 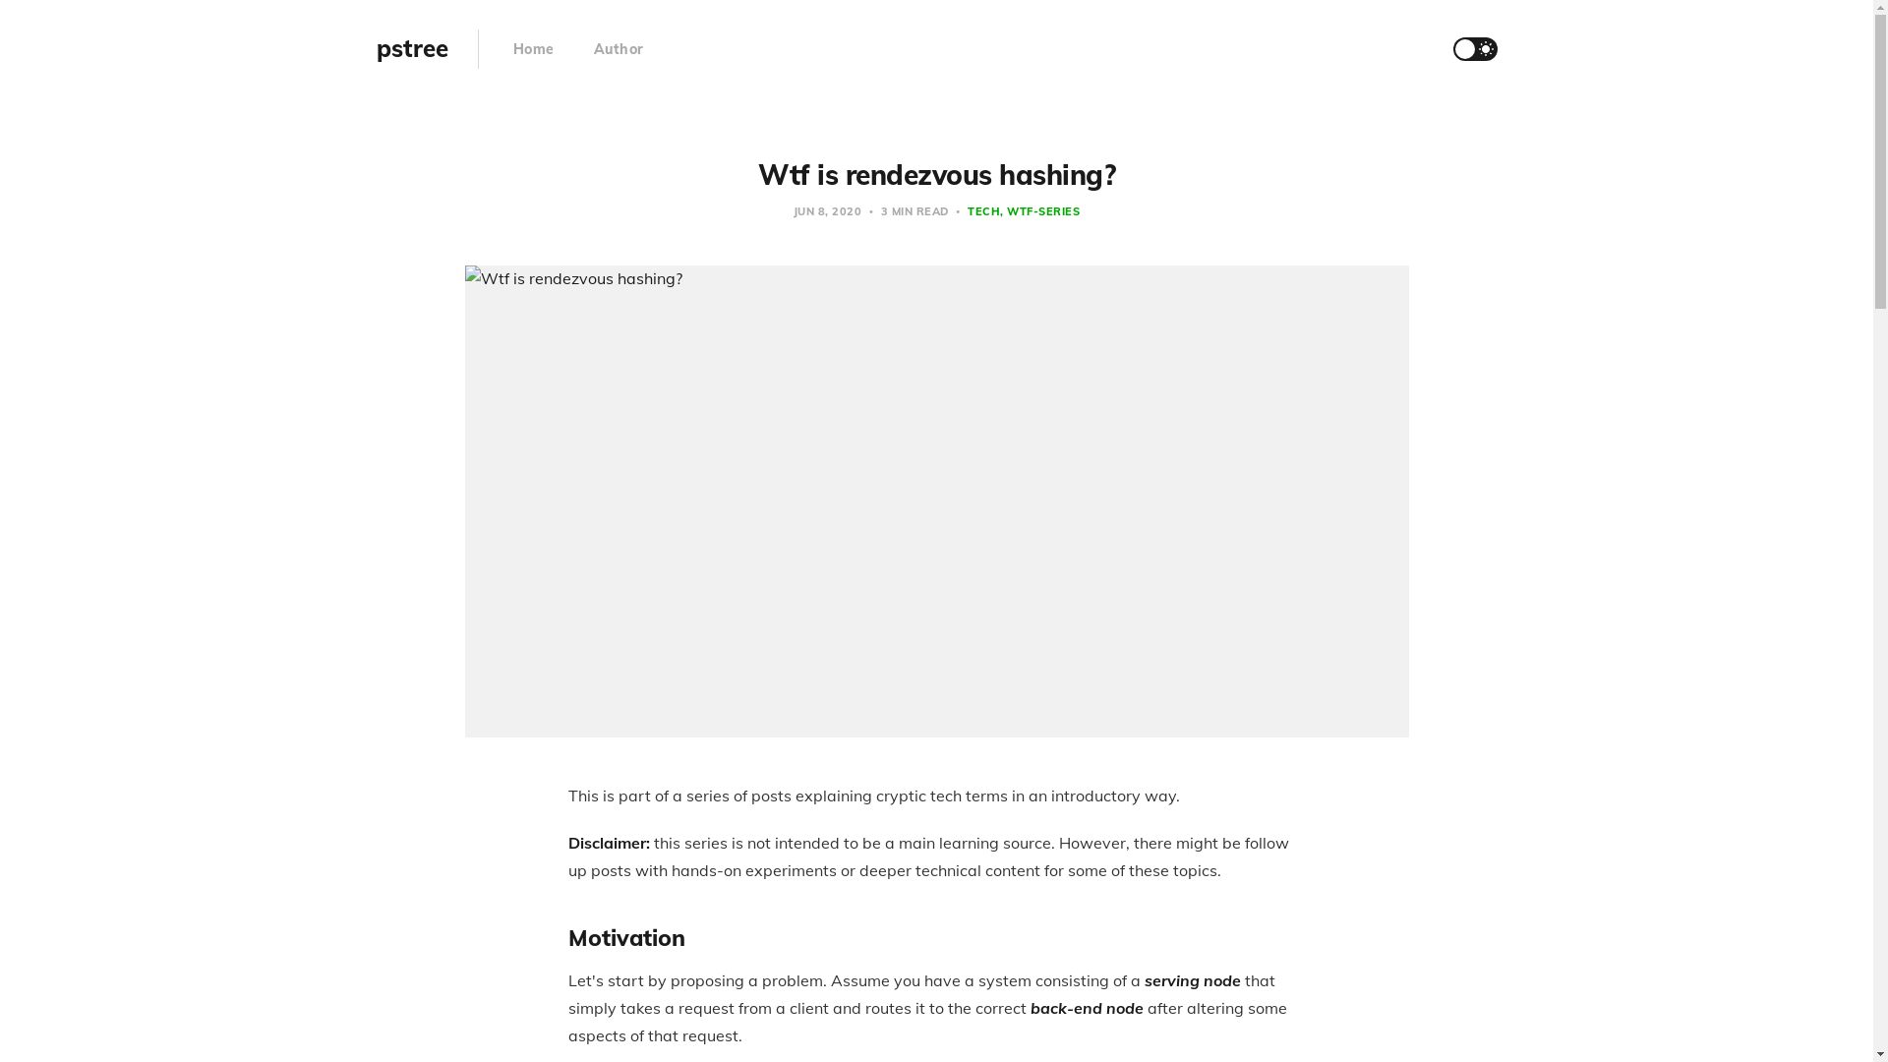 What do you see at coordinates (618, 48) in the screenshot?
I see `'Author'` at bounding box center [618, 48].